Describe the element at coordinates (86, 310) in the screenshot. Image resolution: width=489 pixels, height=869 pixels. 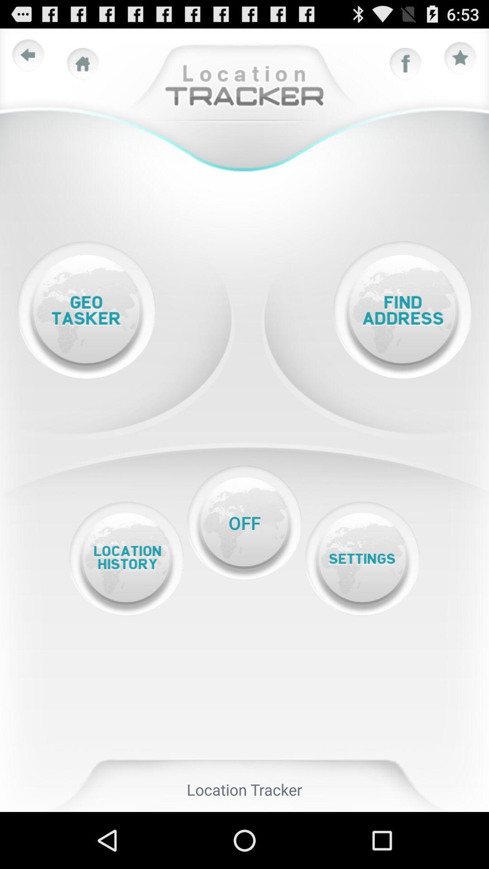
I see `open geo tasker` at that location.